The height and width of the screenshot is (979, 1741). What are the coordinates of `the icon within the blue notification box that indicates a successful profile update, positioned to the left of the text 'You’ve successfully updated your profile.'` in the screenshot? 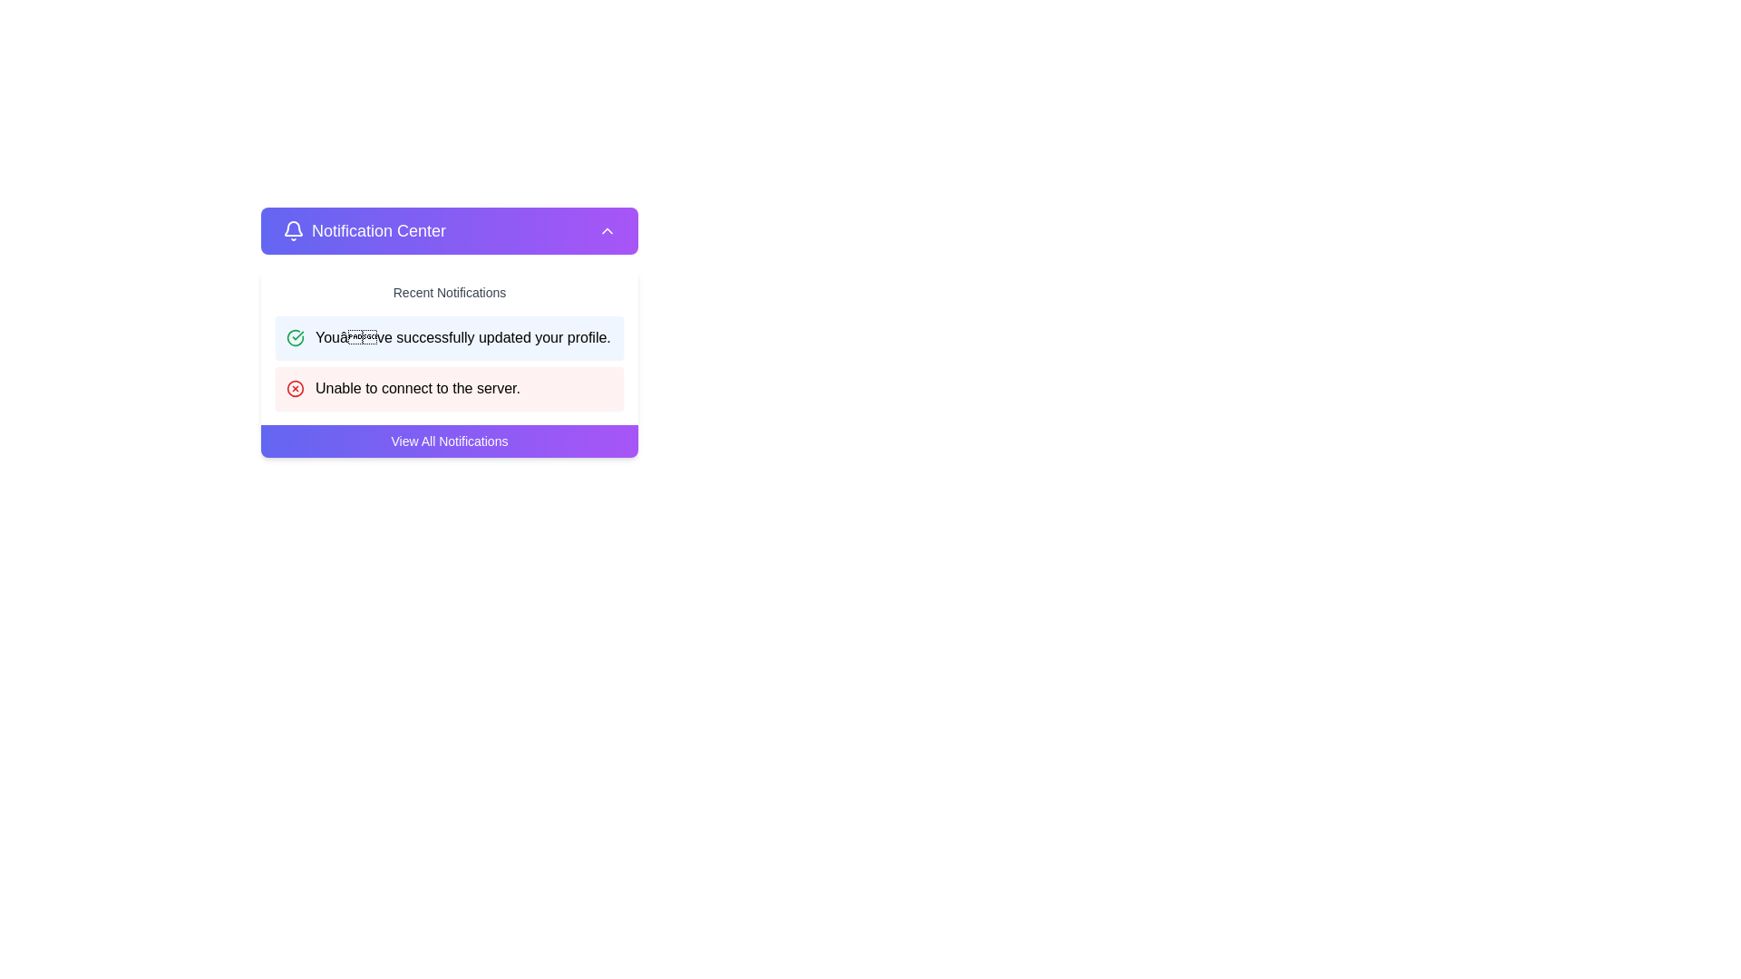 It's located at (296, 338).